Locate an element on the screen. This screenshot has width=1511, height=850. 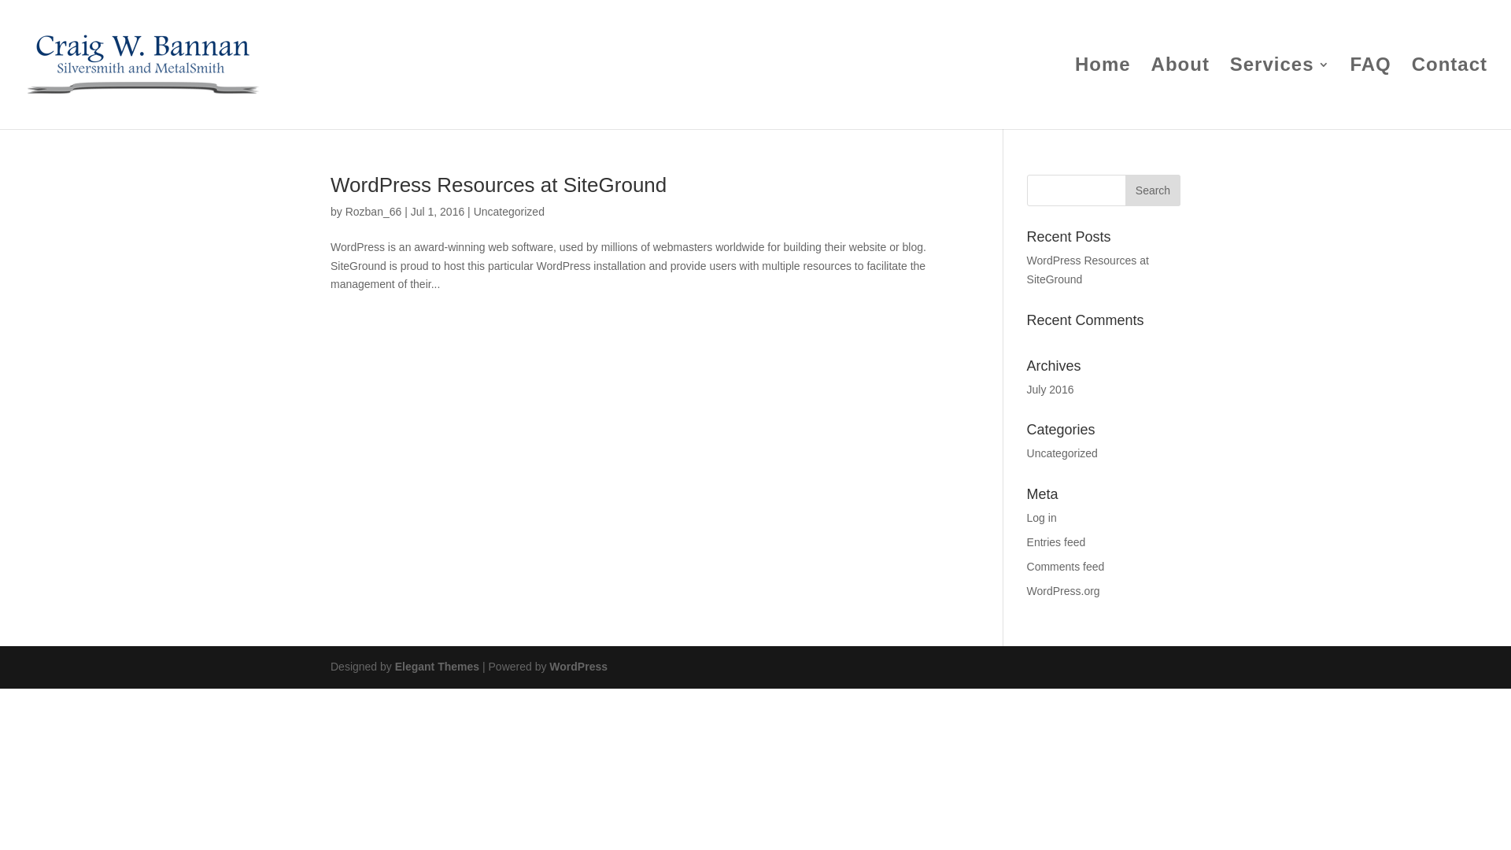
'WordPress Resources at SiteGround' is located at coordinates (1087, 269).